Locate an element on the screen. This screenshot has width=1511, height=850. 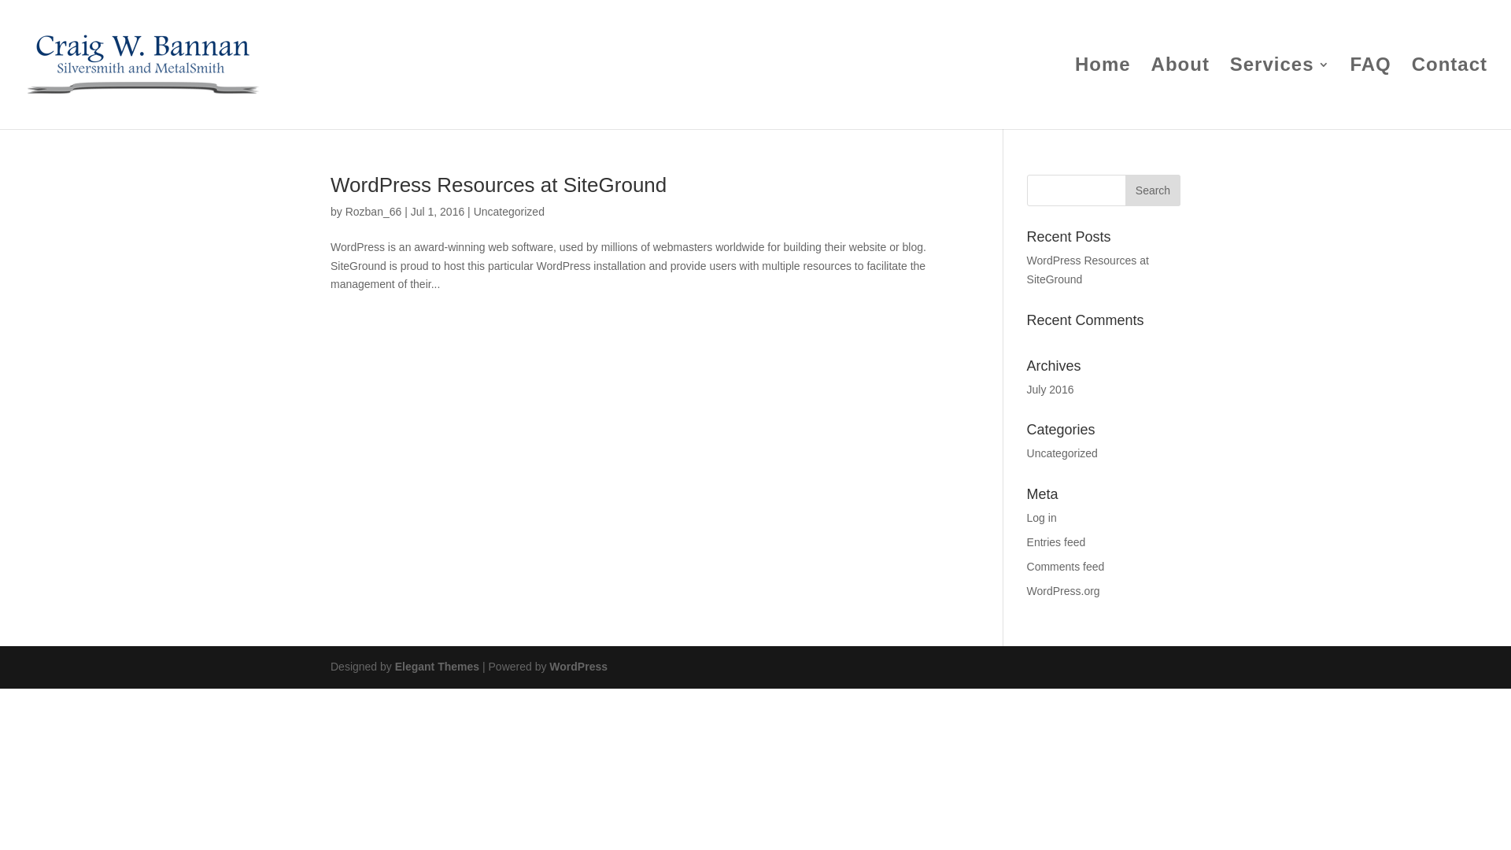
'WordPress Resources at SiteGround' is located at coordinates (1087, 269).